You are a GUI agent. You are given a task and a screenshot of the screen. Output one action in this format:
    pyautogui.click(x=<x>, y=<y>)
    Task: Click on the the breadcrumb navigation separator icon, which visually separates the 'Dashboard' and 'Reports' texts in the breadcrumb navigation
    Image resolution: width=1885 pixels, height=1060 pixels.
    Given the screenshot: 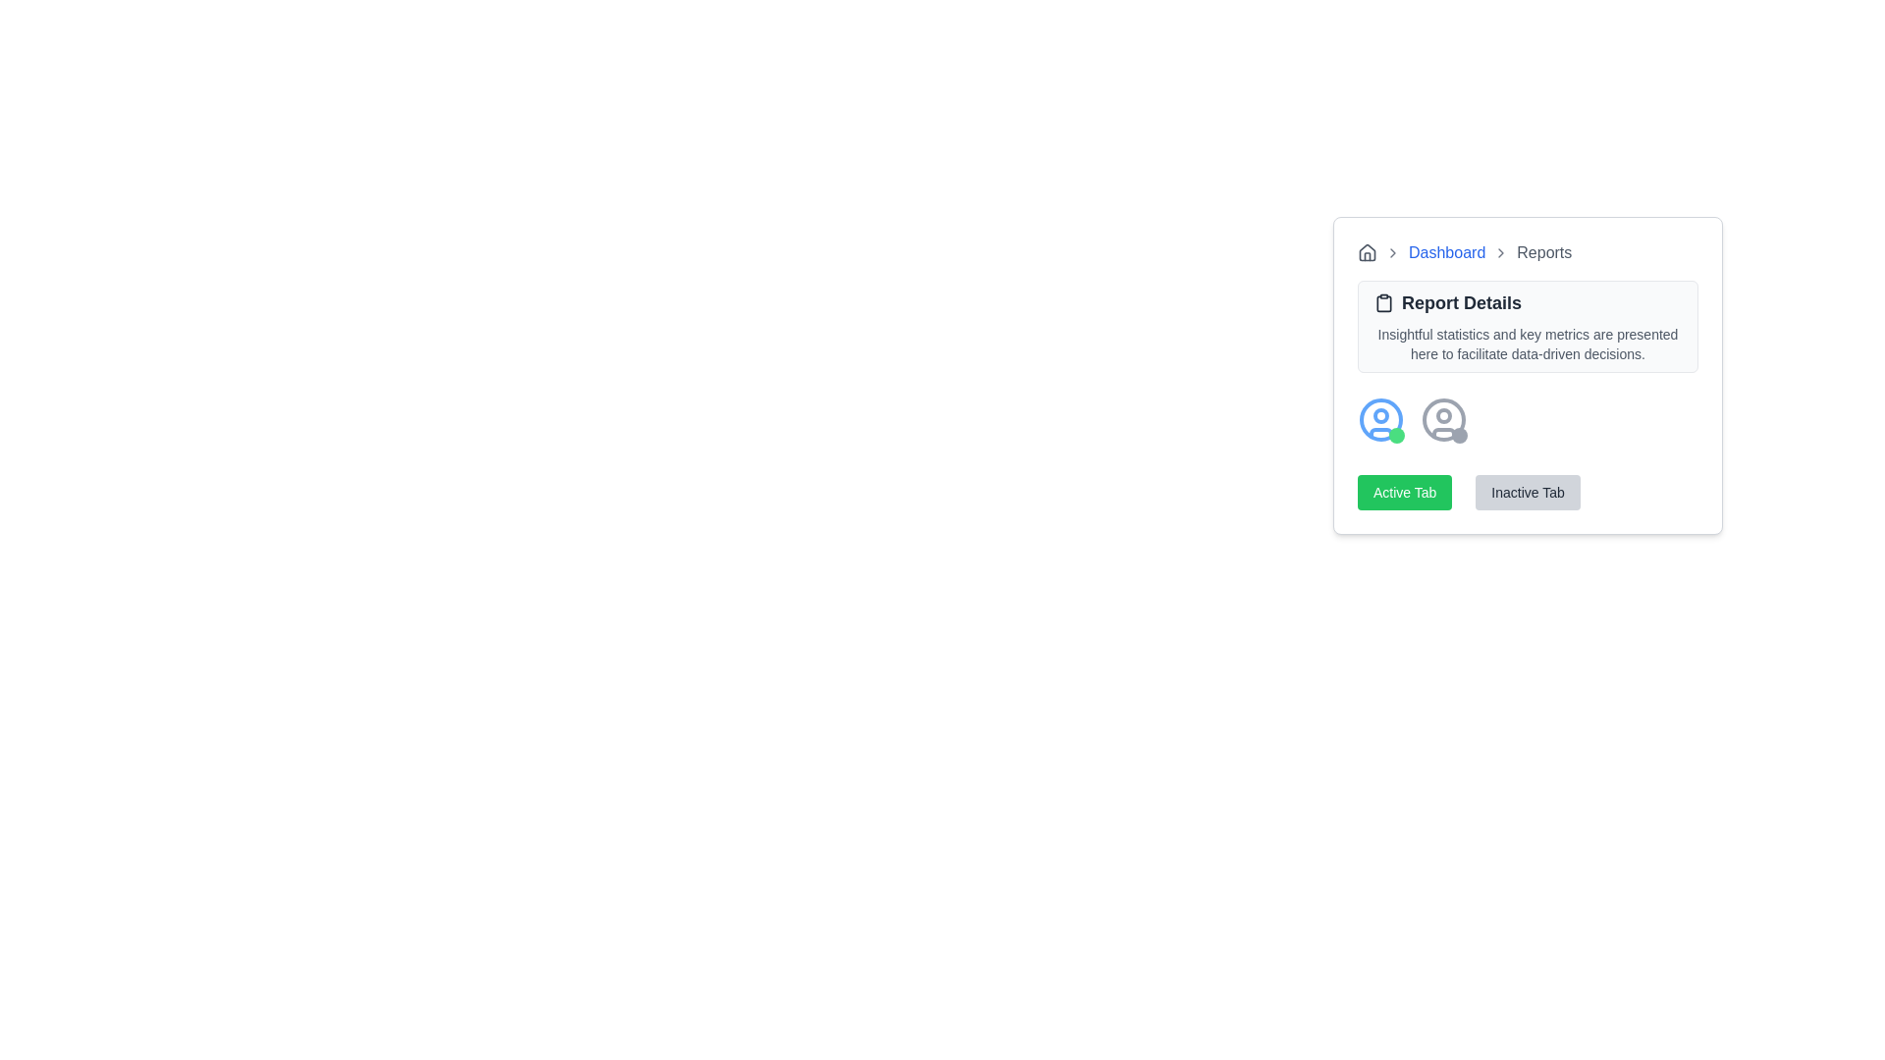 What is the action you would take?
    pyautogui.click(x=1500, y=252)
    